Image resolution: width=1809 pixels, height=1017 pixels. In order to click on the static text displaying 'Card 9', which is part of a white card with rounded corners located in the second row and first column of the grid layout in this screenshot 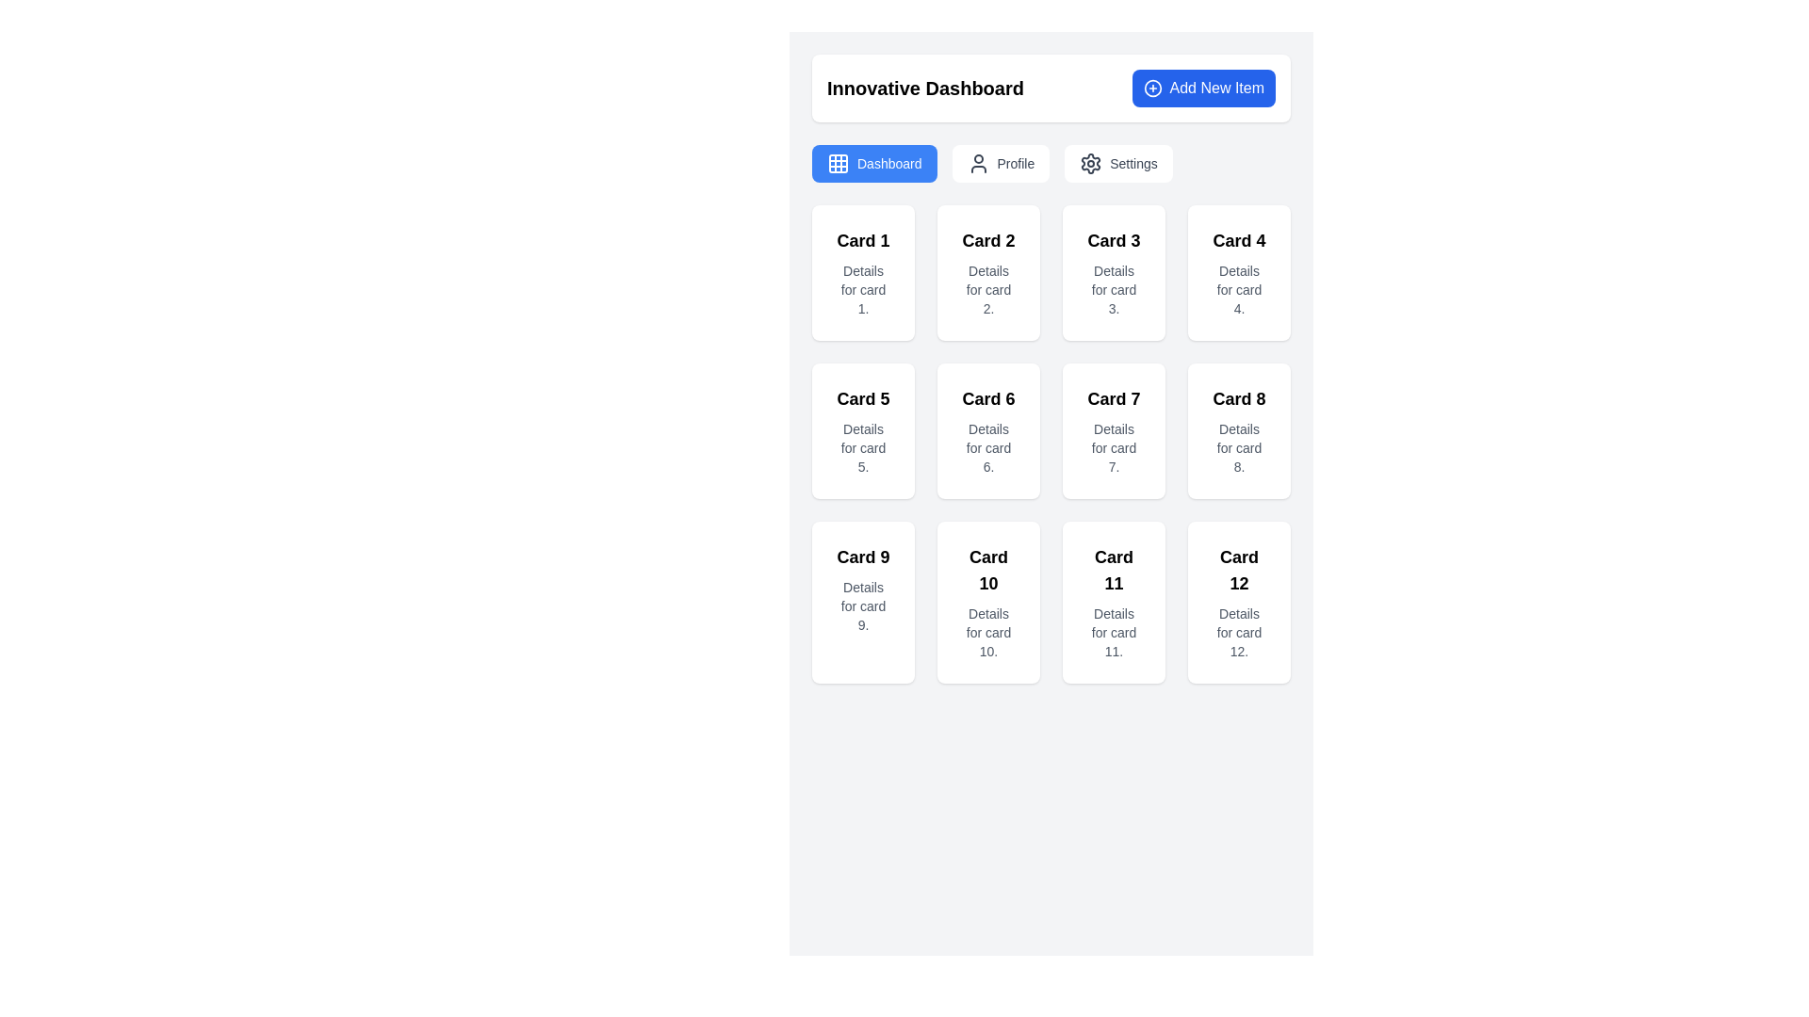, I will do `click(862, 556)`.